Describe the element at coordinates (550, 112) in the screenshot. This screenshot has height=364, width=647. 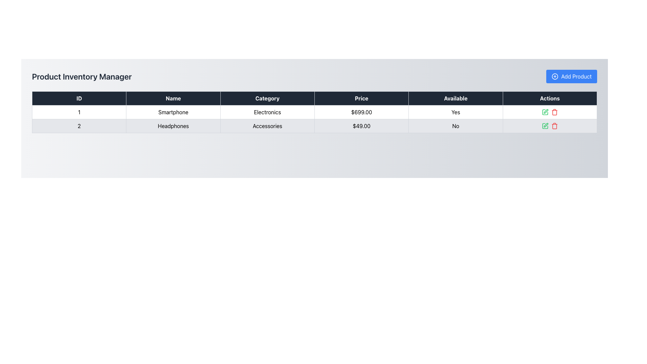
I see `the green pencil icon in the Control Panel located in the last column of the first row under the 'Actions' header` at that location.